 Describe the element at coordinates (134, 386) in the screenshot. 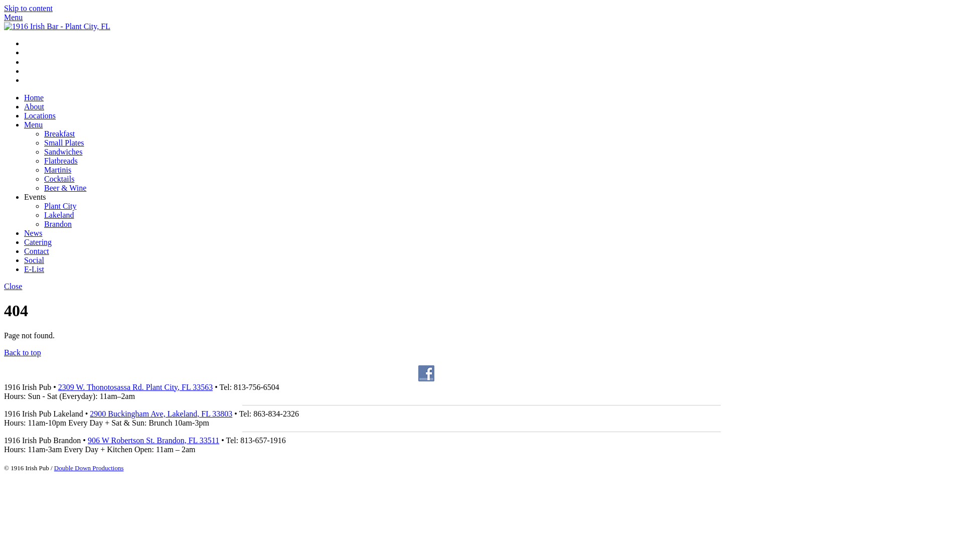

I see `'2309 W. Thonotosassa Rd. Plant City, FL 33563'` at that location.